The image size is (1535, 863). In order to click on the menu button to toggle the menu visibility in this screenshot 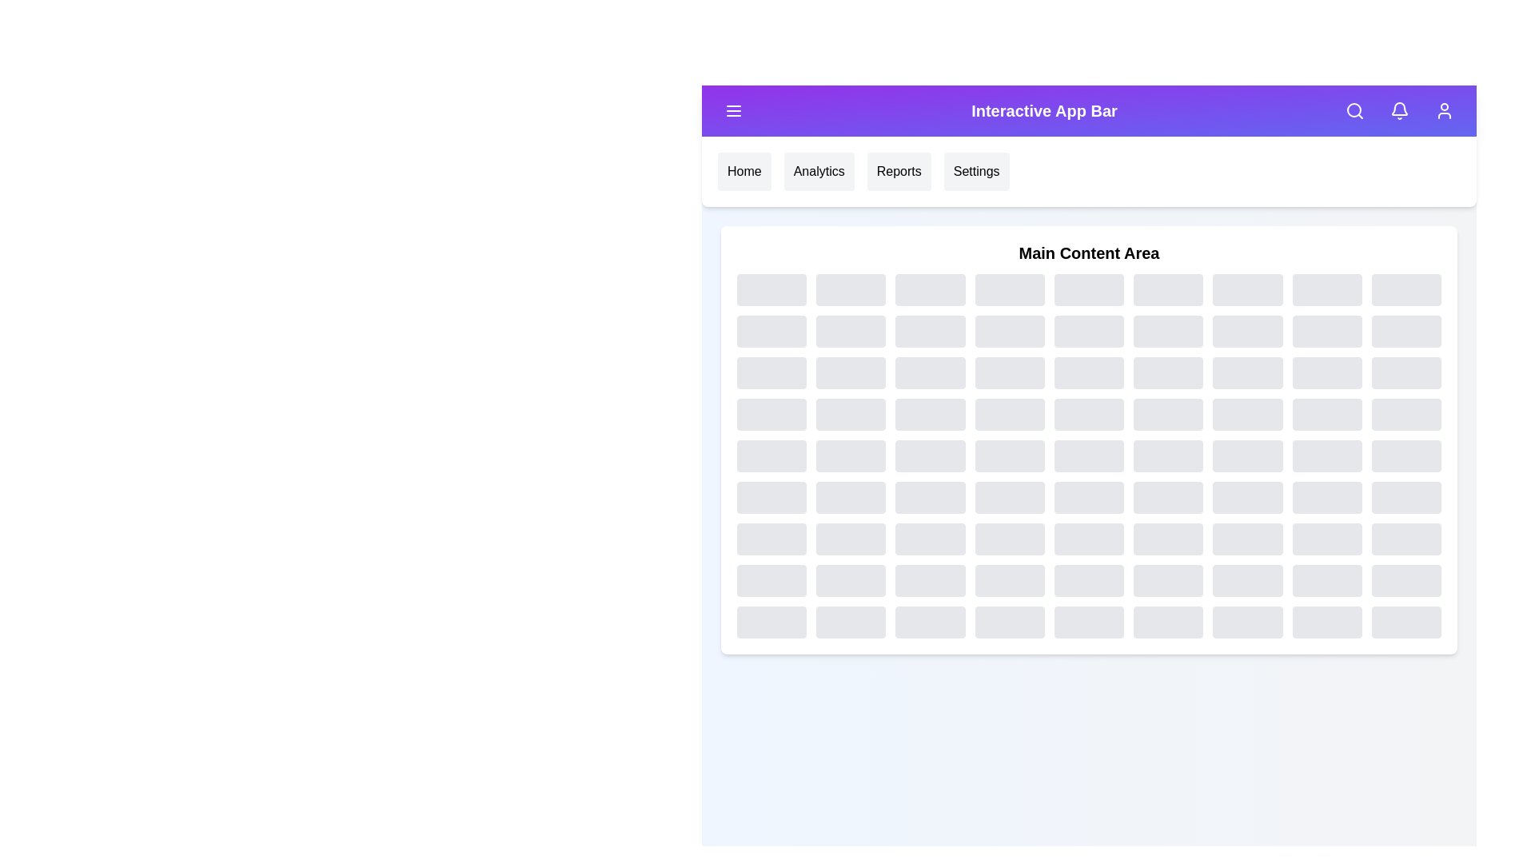, I will do `click(732, 109)`.